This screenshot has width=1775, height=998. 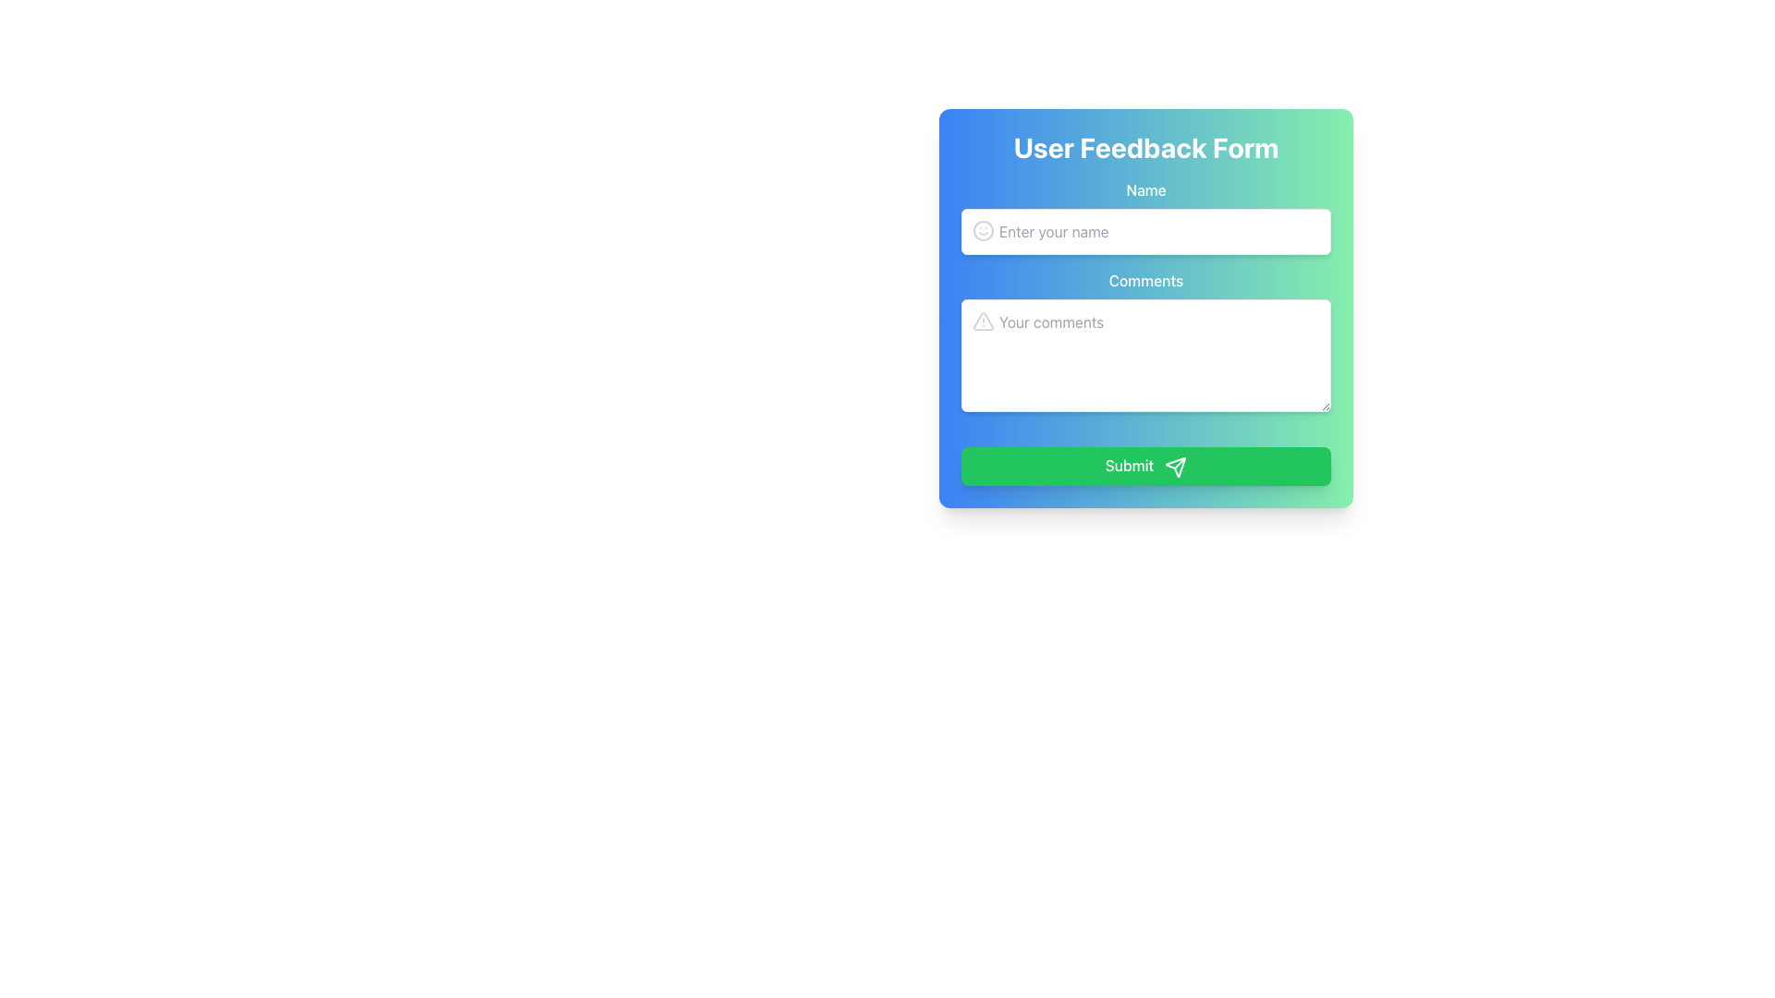 What do you see at coordinates (1175, 466) in the screenshot?
I see `the paper airplane icon located inside the green 'Submit' button at the bottom center of the feedback form interface` at bounding box center [1175, 466].